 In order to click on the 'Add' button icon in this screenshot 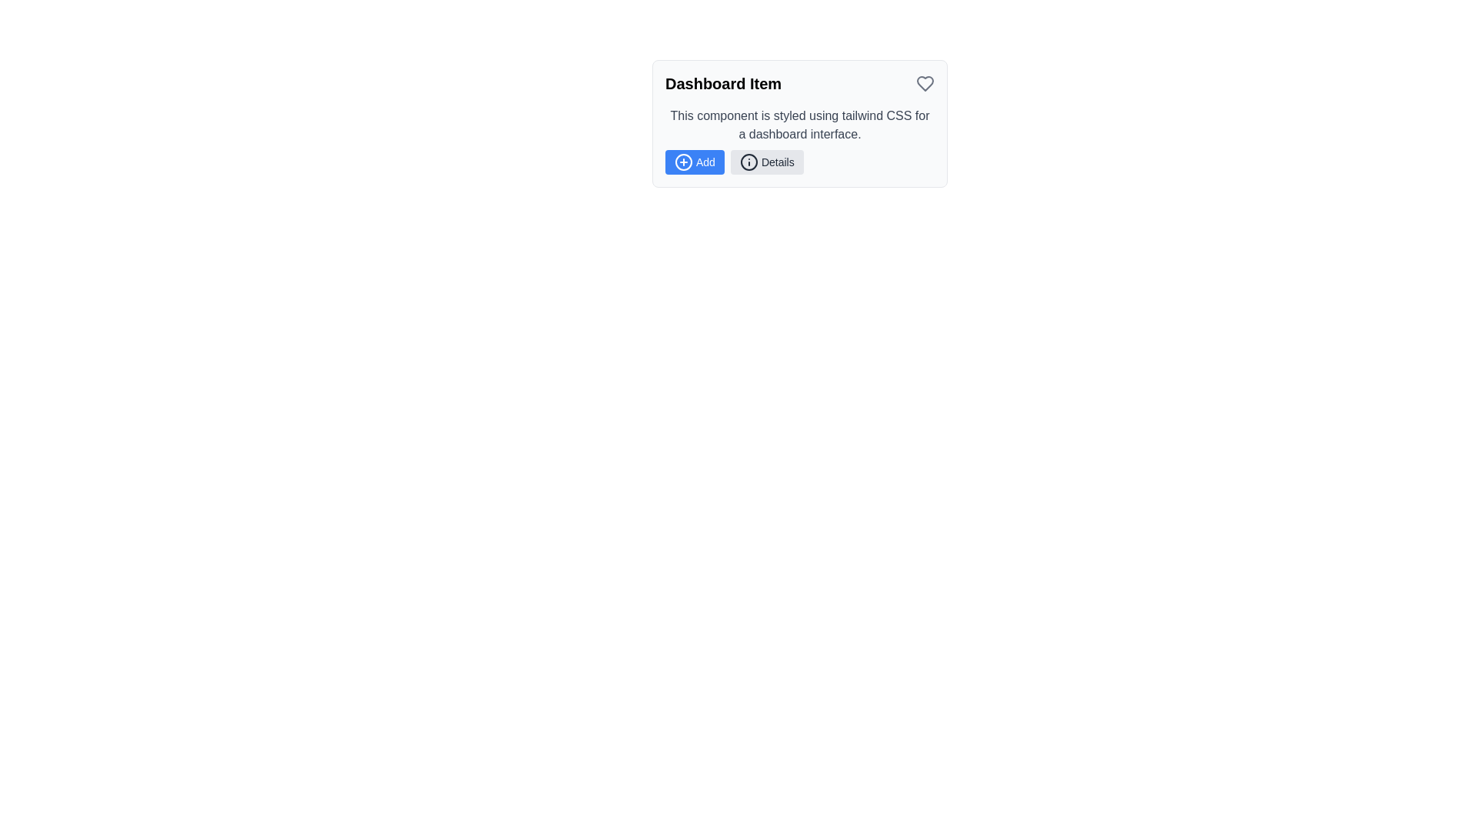, I will do `click(682, 162)`.